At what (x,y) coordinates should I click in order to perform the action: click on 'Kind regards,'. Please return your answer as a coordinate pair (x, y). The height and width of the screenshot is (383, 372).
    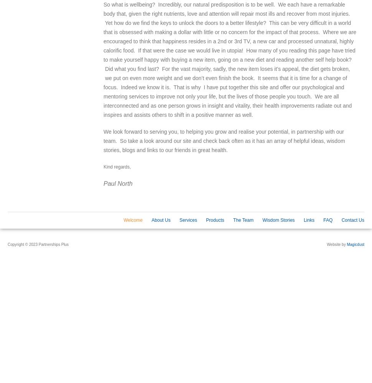
    Looking at the image, I should click on (117, 167).